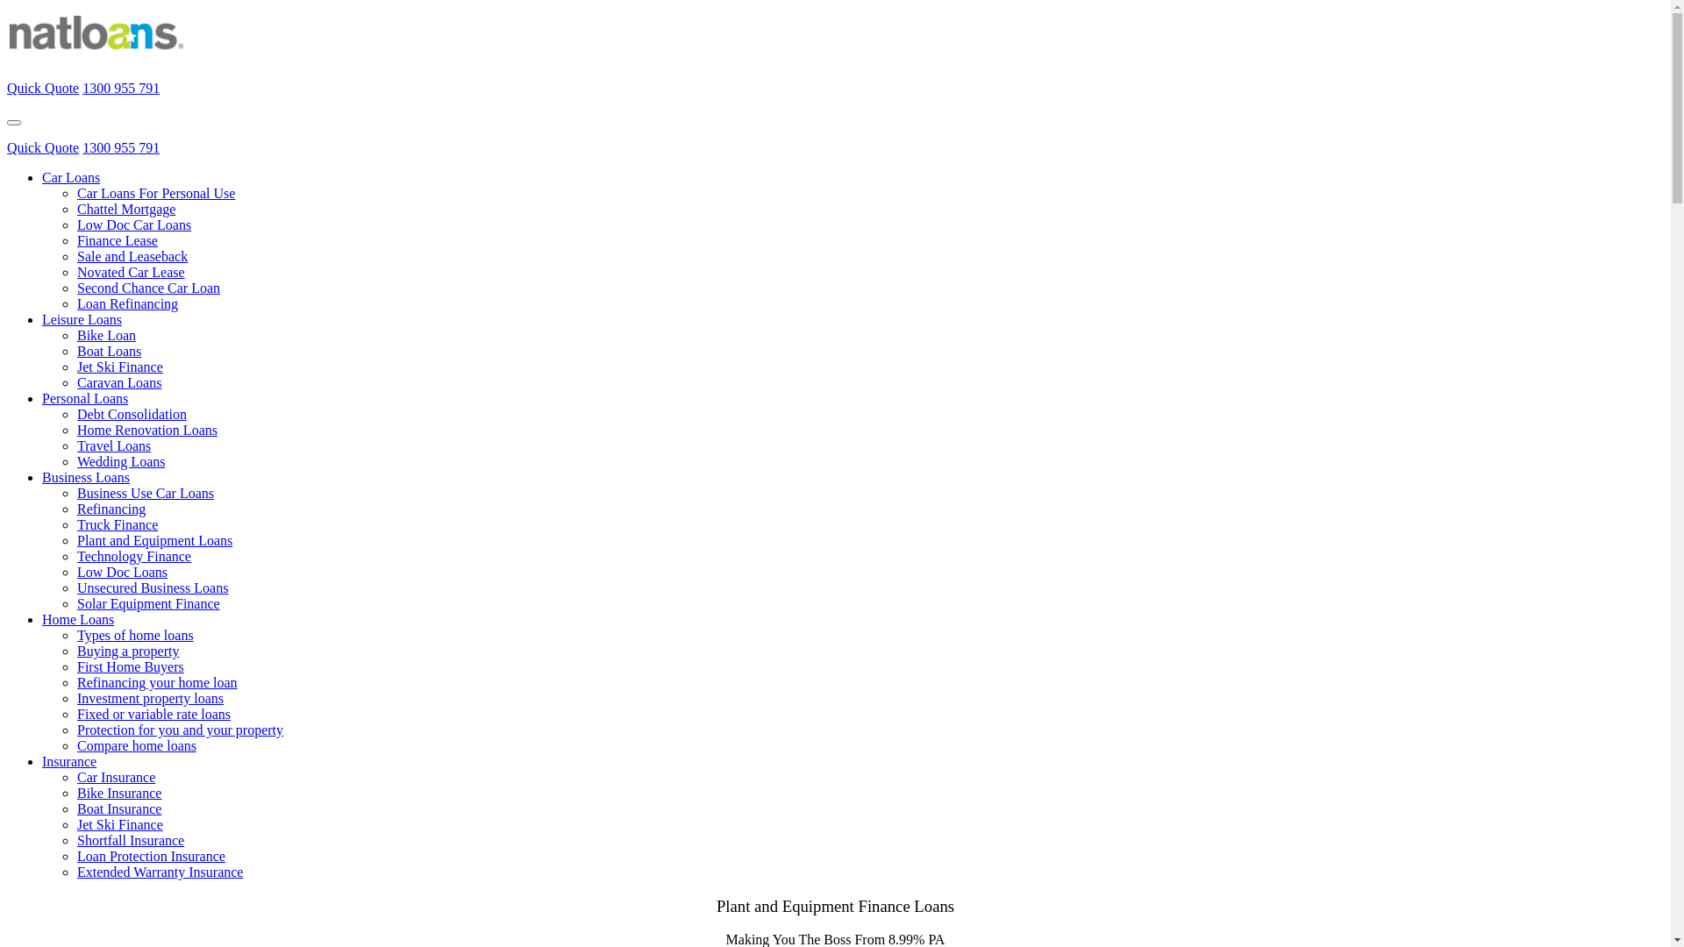 The height and width of the screenshot is (947, 1684). Describe the element at coordinates (126, 303) in the screenshot. I see `'Loan Refinancing'` at that location.